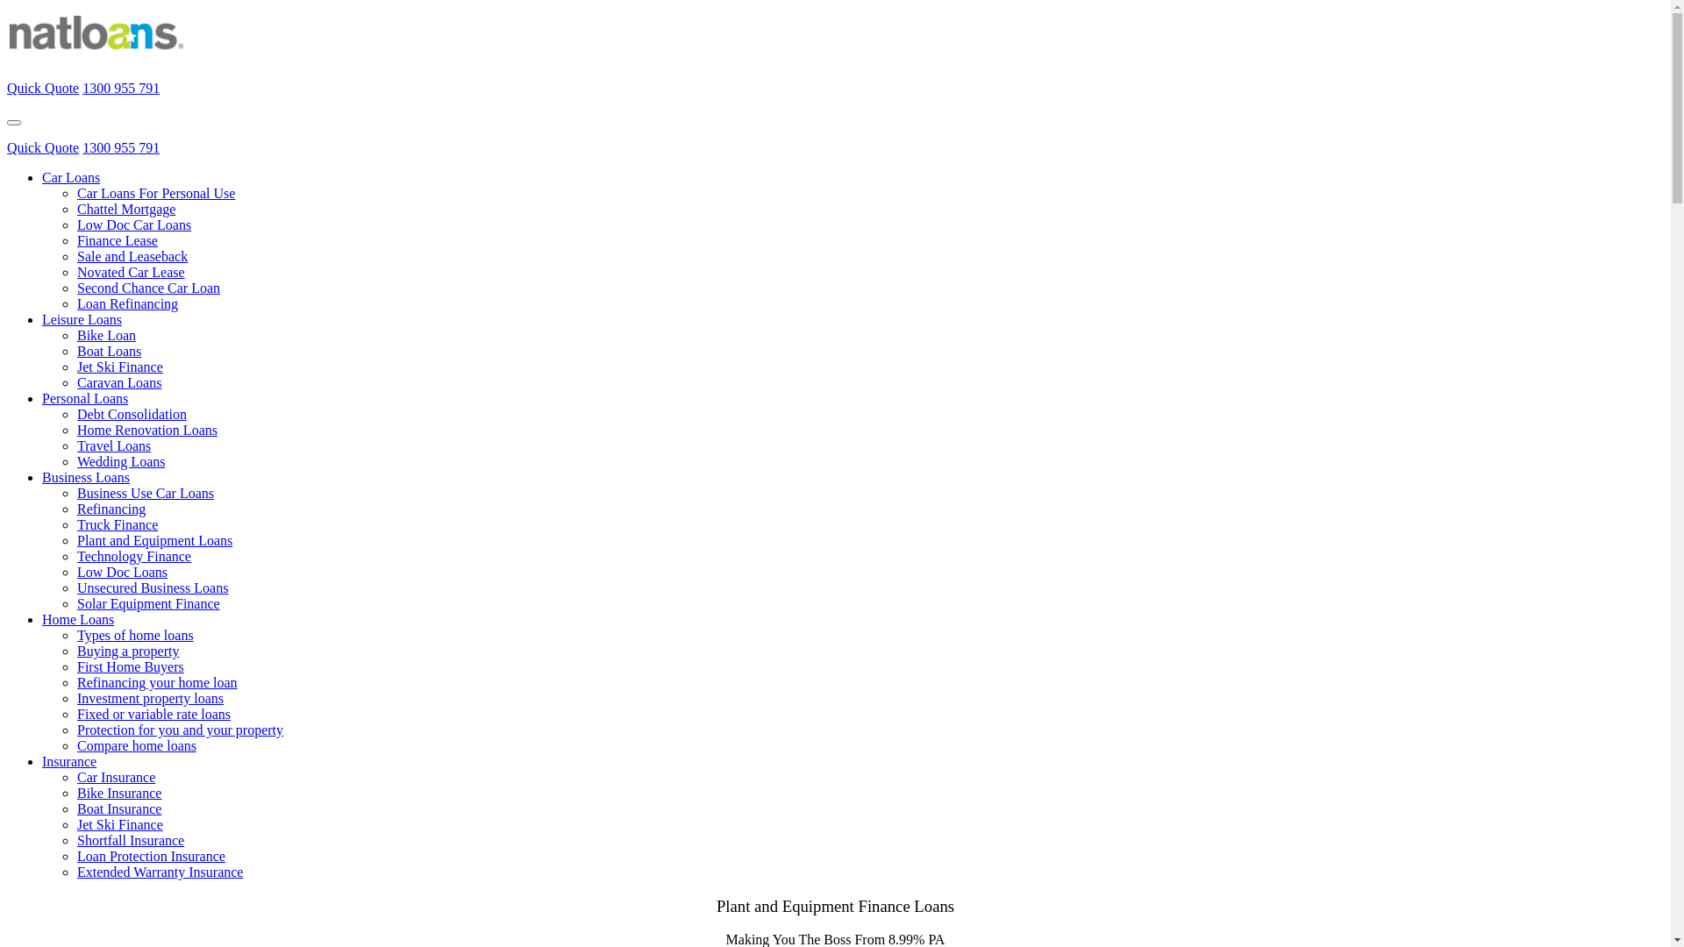 The height and width of the screenshot is (947, 1684). Describe the element at coordinates (126, 303) in the screenshot. I see `'Loan Refinancing'` at that location.